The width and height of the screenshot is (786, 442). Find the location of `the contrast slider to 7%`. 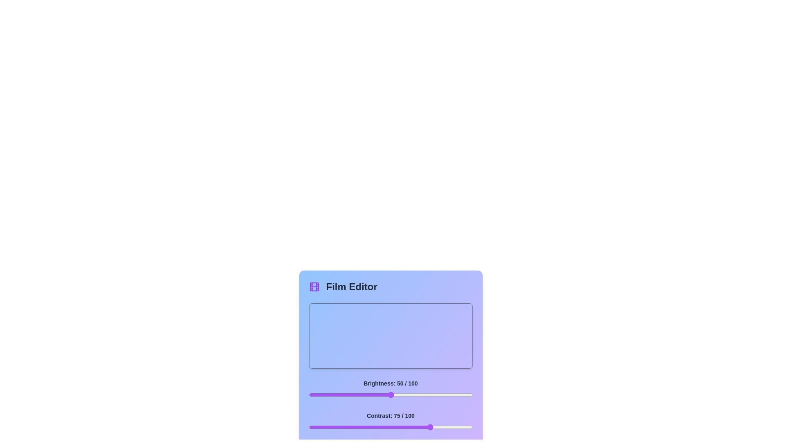

the contrast slider to 7% is located at coordinates (320, 427).